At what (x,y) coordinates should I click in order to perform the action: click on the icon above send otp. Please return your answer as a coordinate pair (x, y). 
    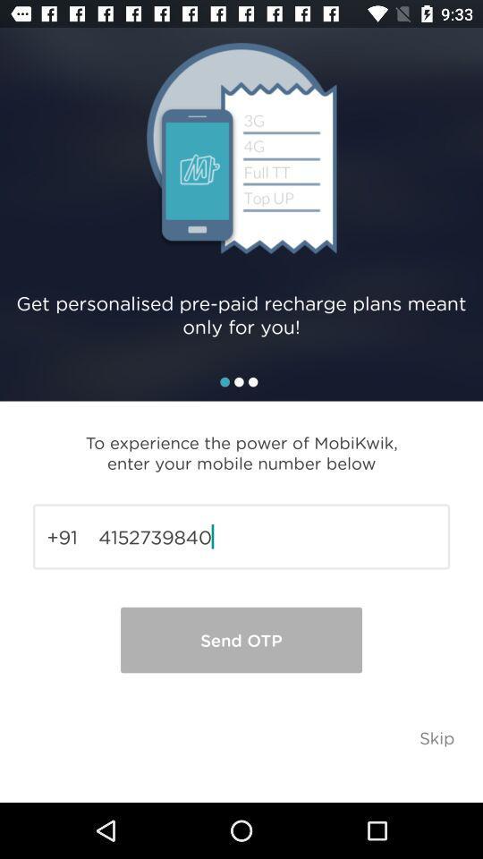
    Looking at the image, I should click on (241, 537).